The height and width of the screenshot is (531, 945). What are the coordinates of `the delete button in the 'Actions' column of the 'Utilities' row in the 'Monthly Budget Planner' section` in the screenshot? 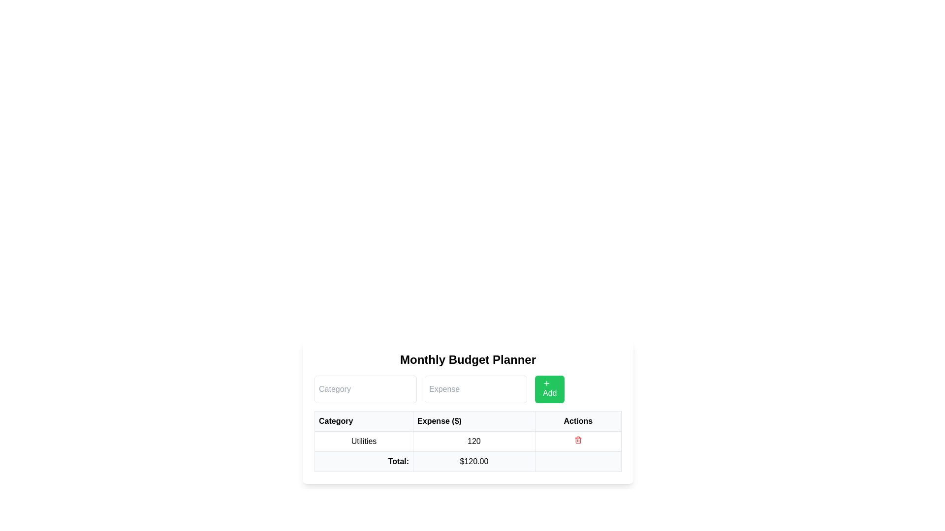 It's located at (578, 439).